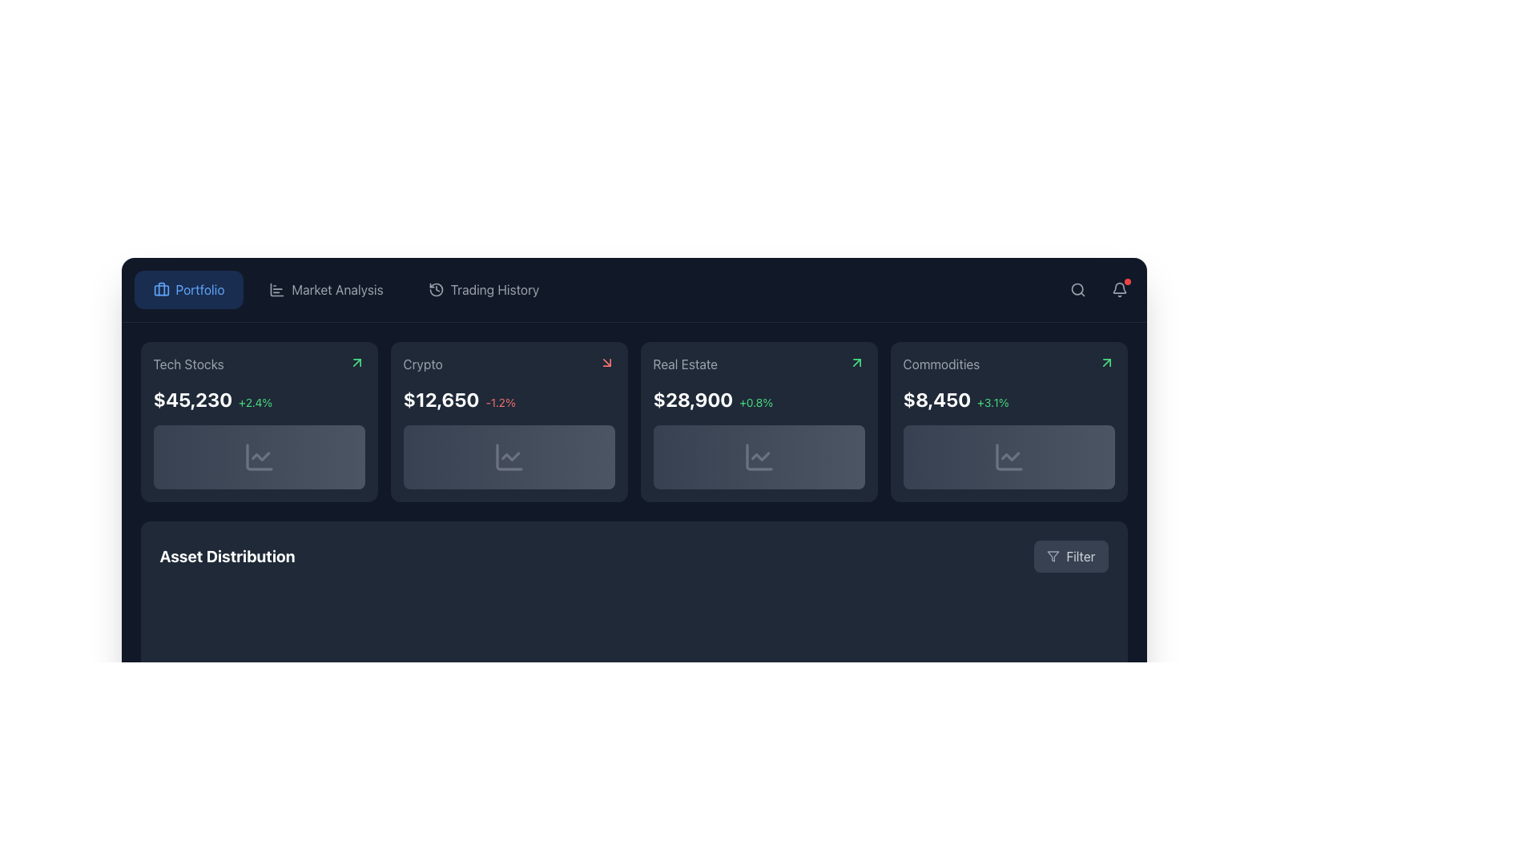  I want to click on the line chart icon representing performance trends for the 'Real Estate' asset located in the lower section of the third card from the left in the row of four summary cards, so click(759, 457).